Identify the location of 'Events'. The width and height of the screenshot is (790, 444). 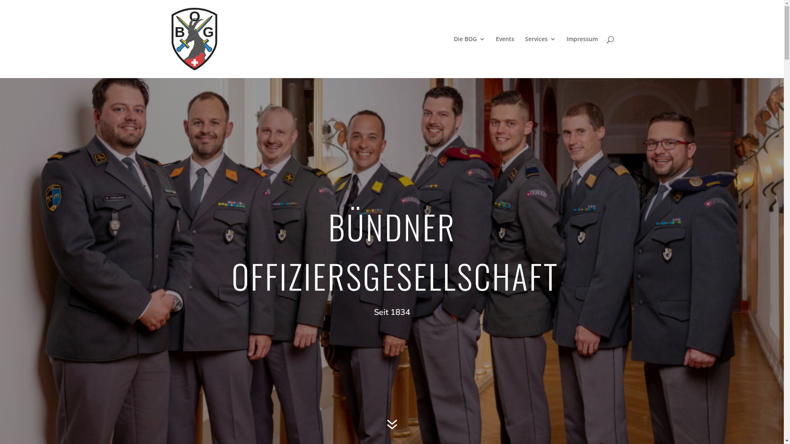
(504, 56).